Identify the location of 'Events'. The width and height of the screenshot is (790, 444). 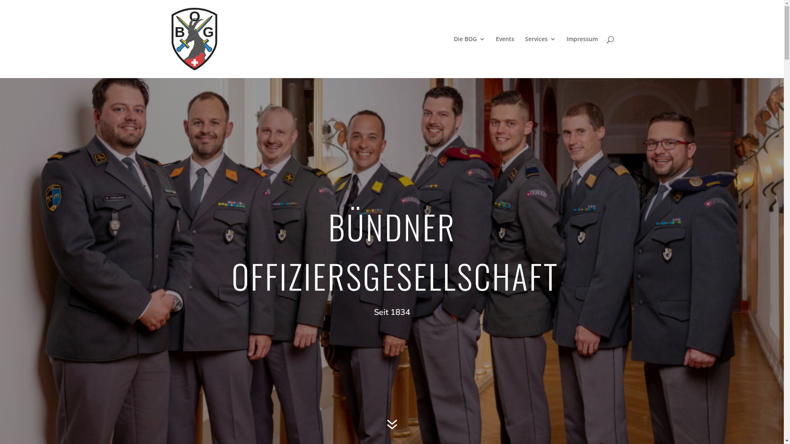
(504, 56).